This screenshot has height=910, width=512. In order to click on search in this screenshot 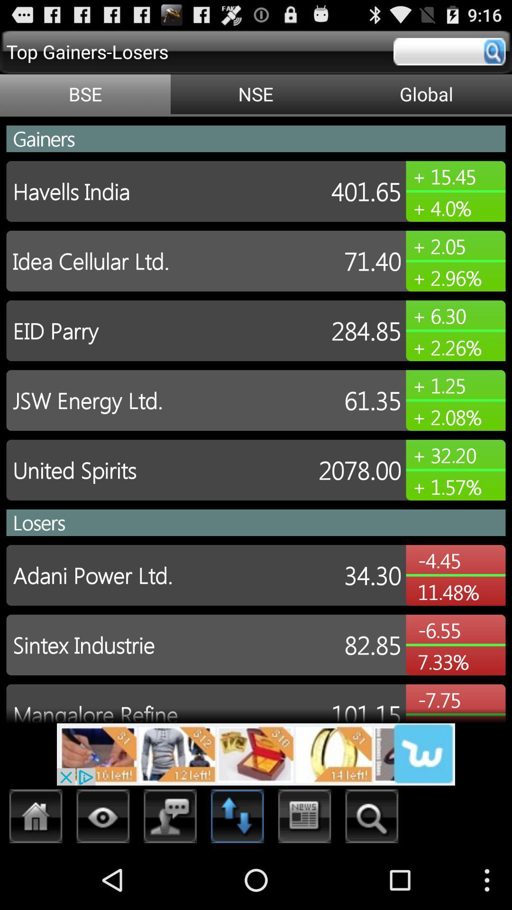, I will do `click(371, 819)`.